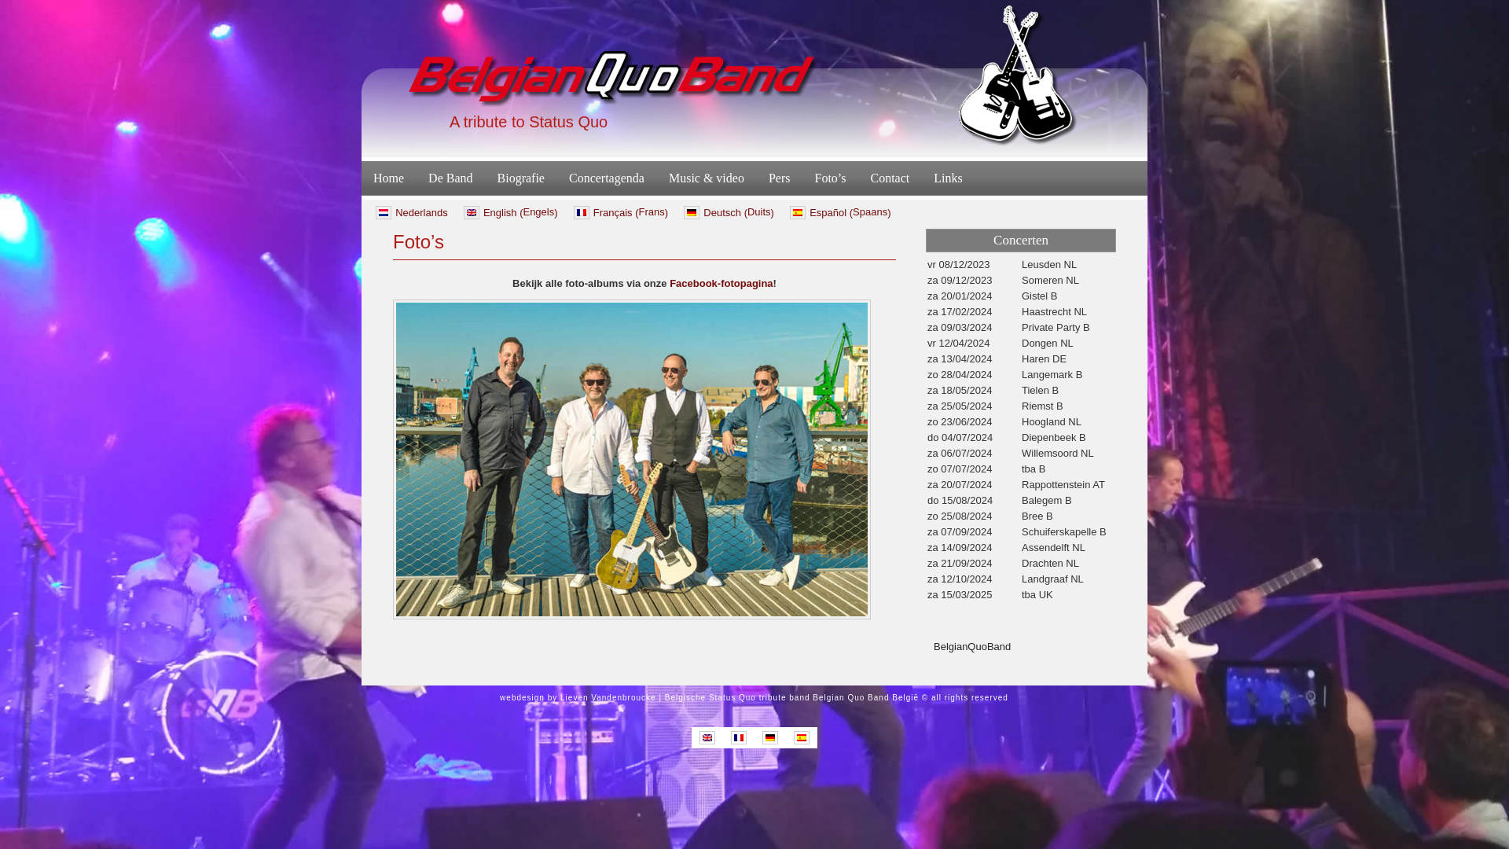 The image size is (1509, 849). I want to click on 'Links', so click(921, 178).